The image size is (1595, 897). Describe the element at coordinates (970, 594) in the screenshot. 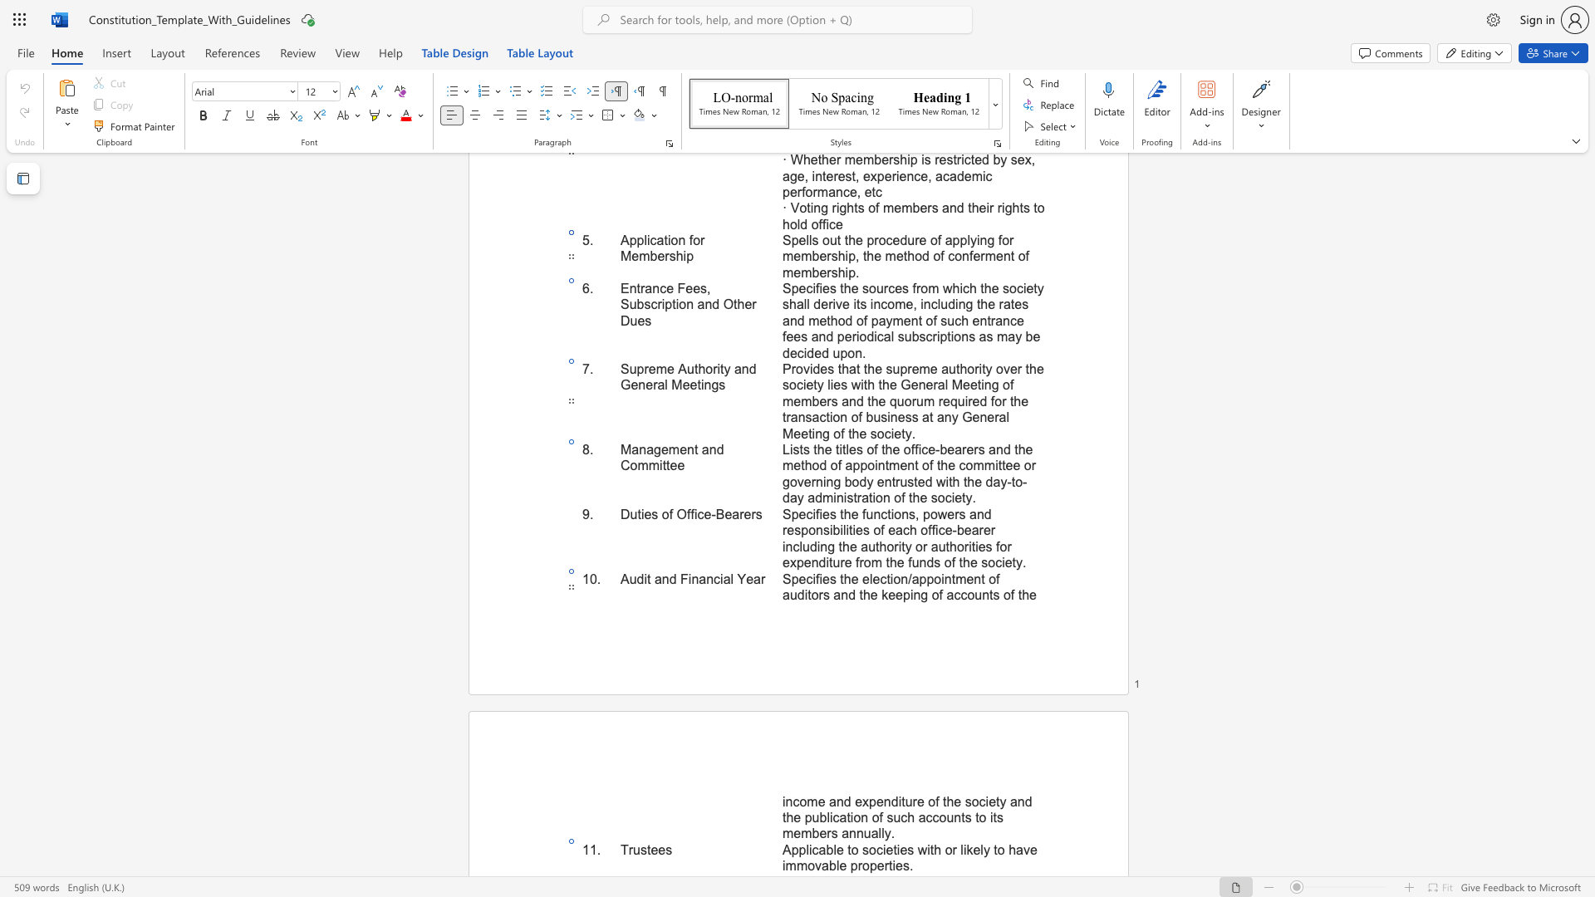

I see `the 6th character "o" in the text` at that location.